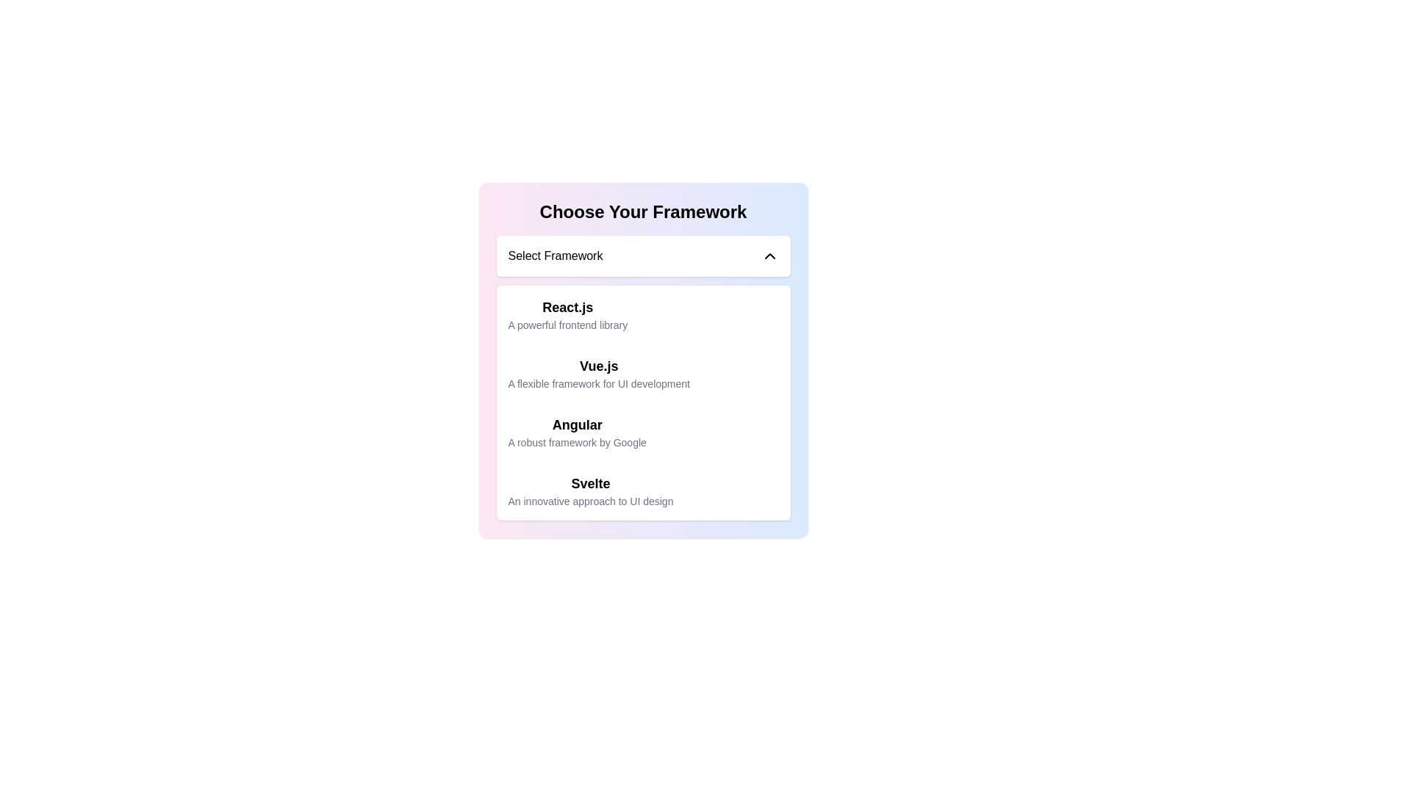 This screenshot has height=793, width=1411. I want to click on the second item in the clickable list, which has the main title 'Vue.js' in bold and a subtitle 'A flexible framework for UI development', positioned below 'React.js' and above 'Angular', so click(643, 373).